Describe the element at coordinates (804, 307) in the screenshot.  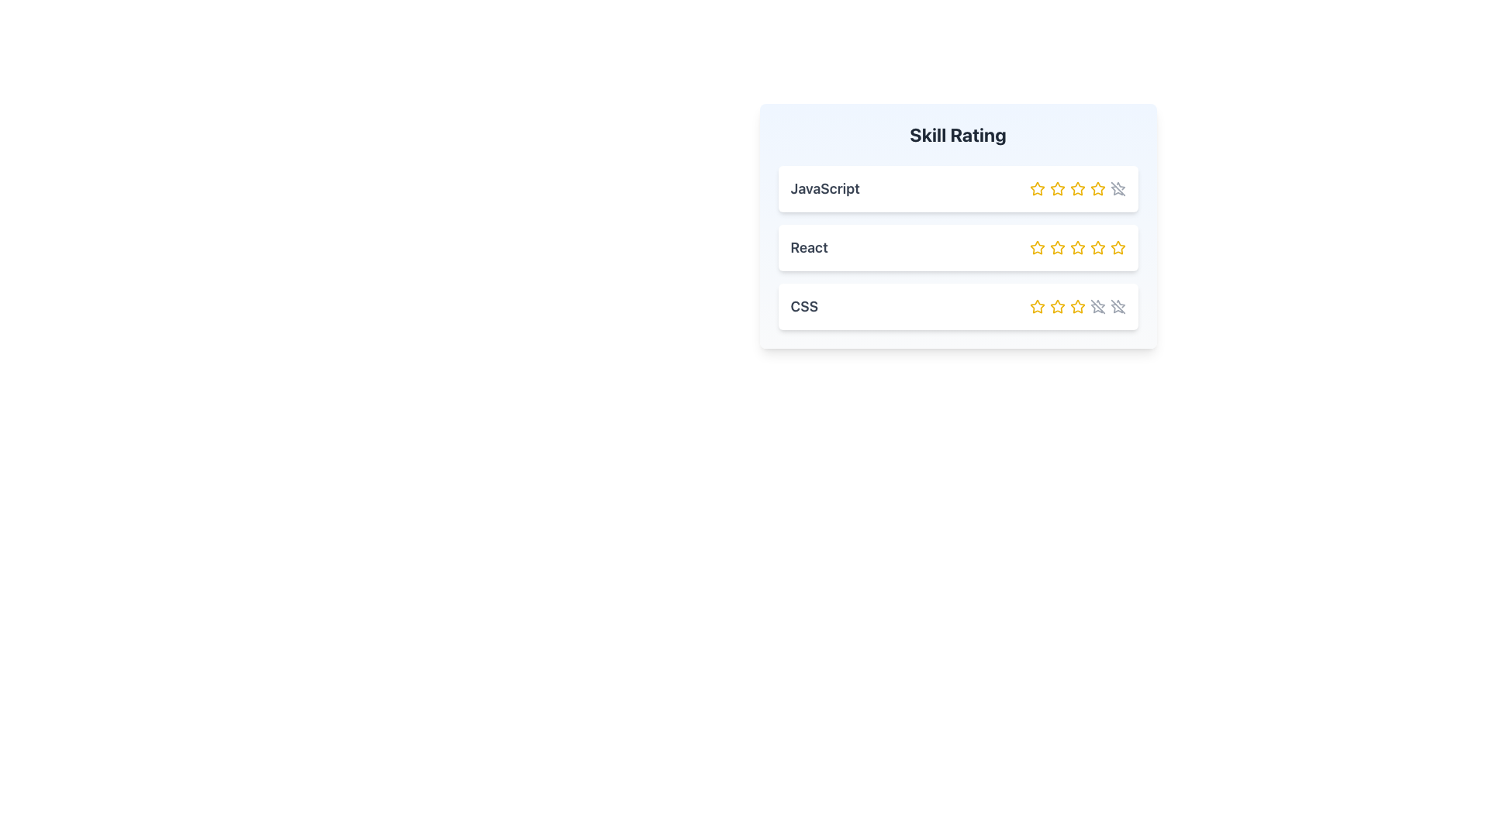
I see `the Text Label that categorizes the third entry in the 'Skill Rating' list, positioned left-aligned beneath 'React'` at that location.